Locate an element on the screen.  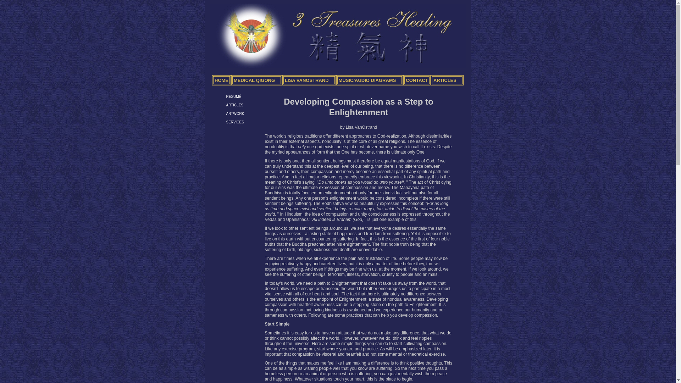
'HOME' is located at coordinates (212, 80).